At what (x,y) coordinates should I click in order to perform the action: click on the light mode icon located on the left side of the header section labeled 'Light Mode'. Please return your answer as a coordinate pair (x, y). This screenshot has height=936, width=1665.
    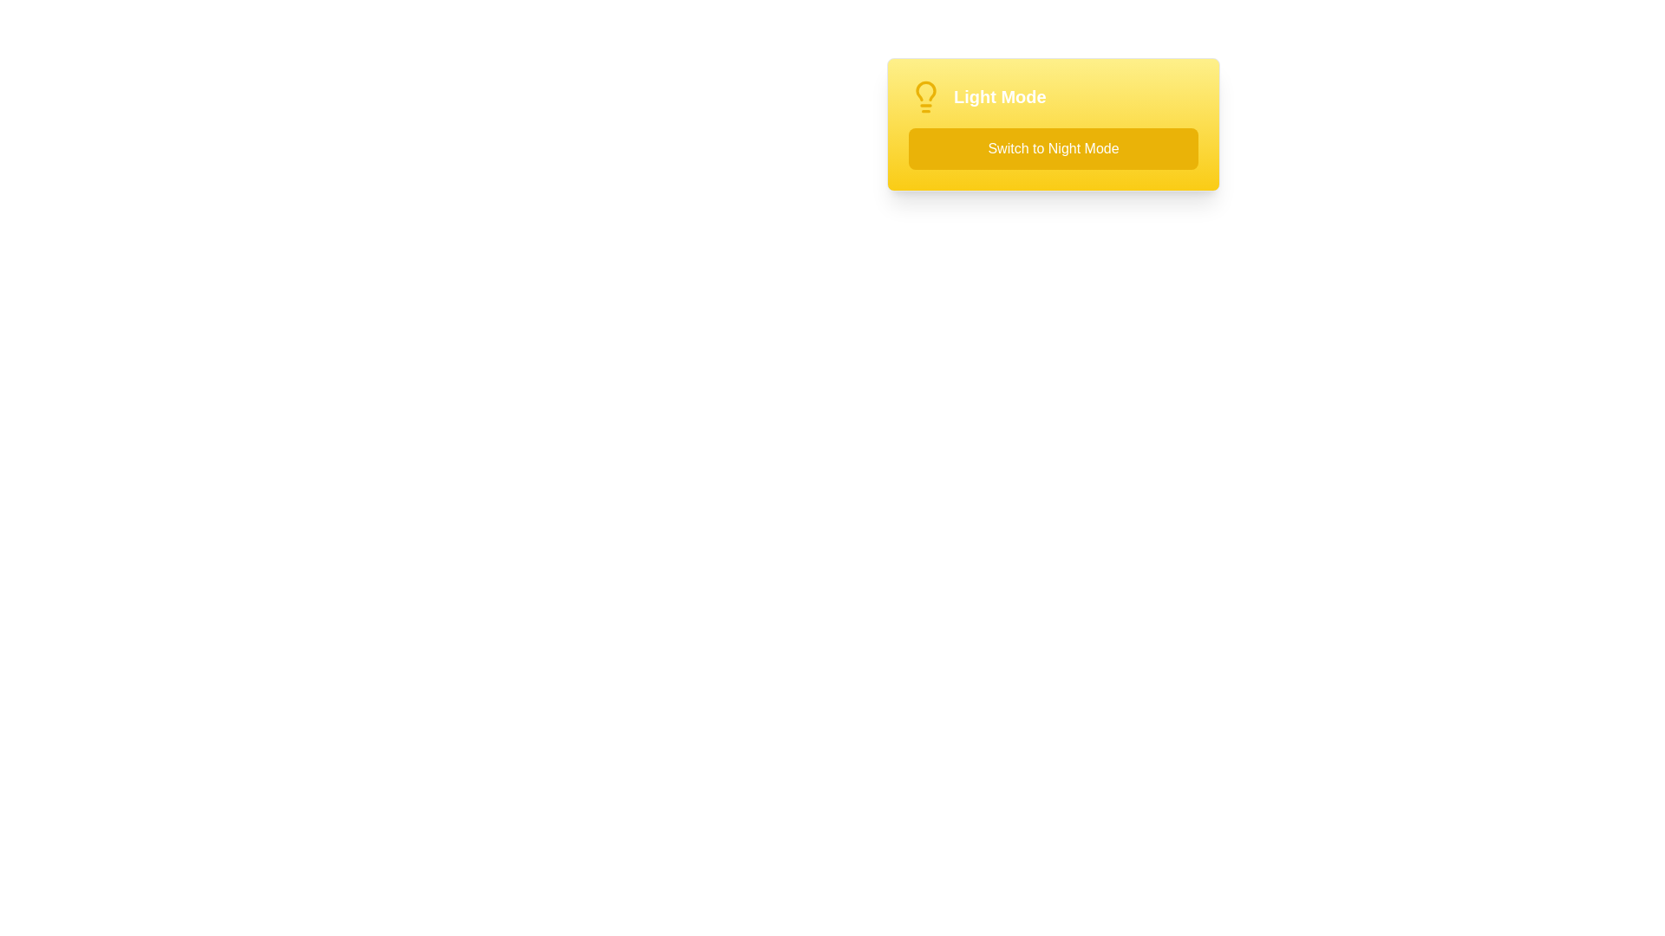
    Looking at the image, I should click on (925, 96).